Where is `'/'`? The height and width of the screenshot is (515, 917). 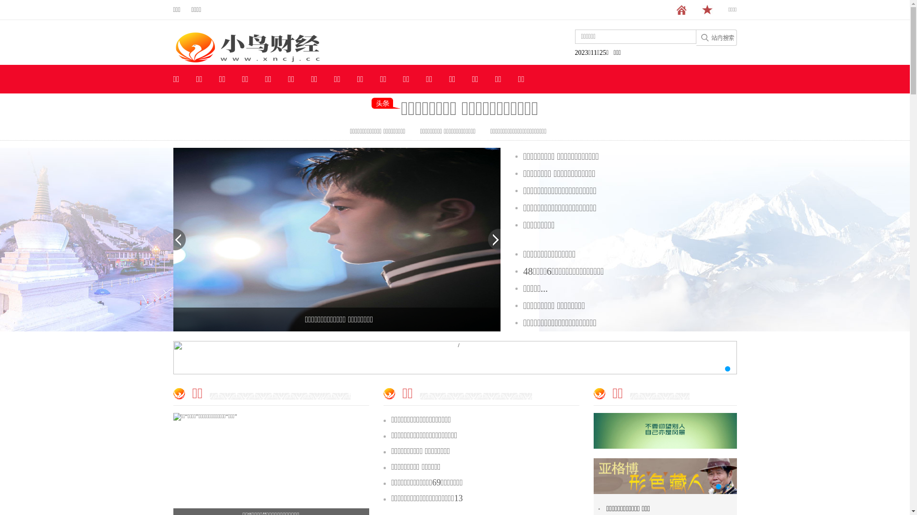
'/' is located at coordinates (454, 357).